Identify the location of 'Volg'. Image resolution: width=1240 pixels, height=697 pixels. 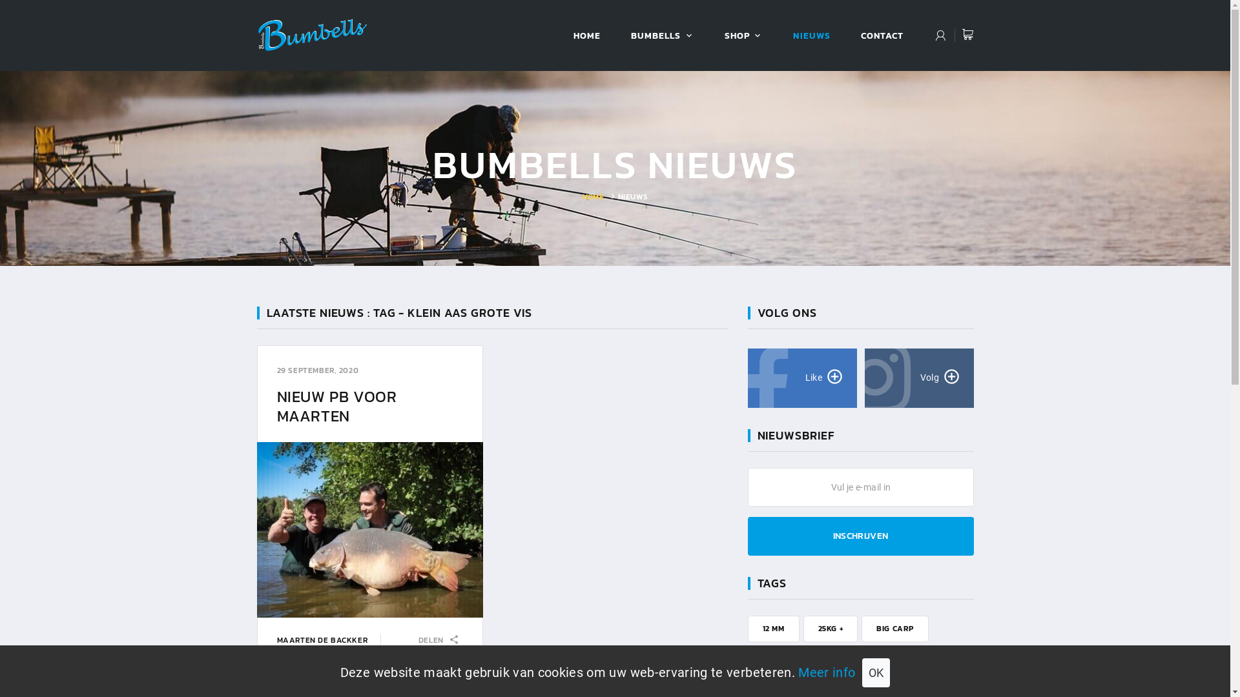
(918, 378).